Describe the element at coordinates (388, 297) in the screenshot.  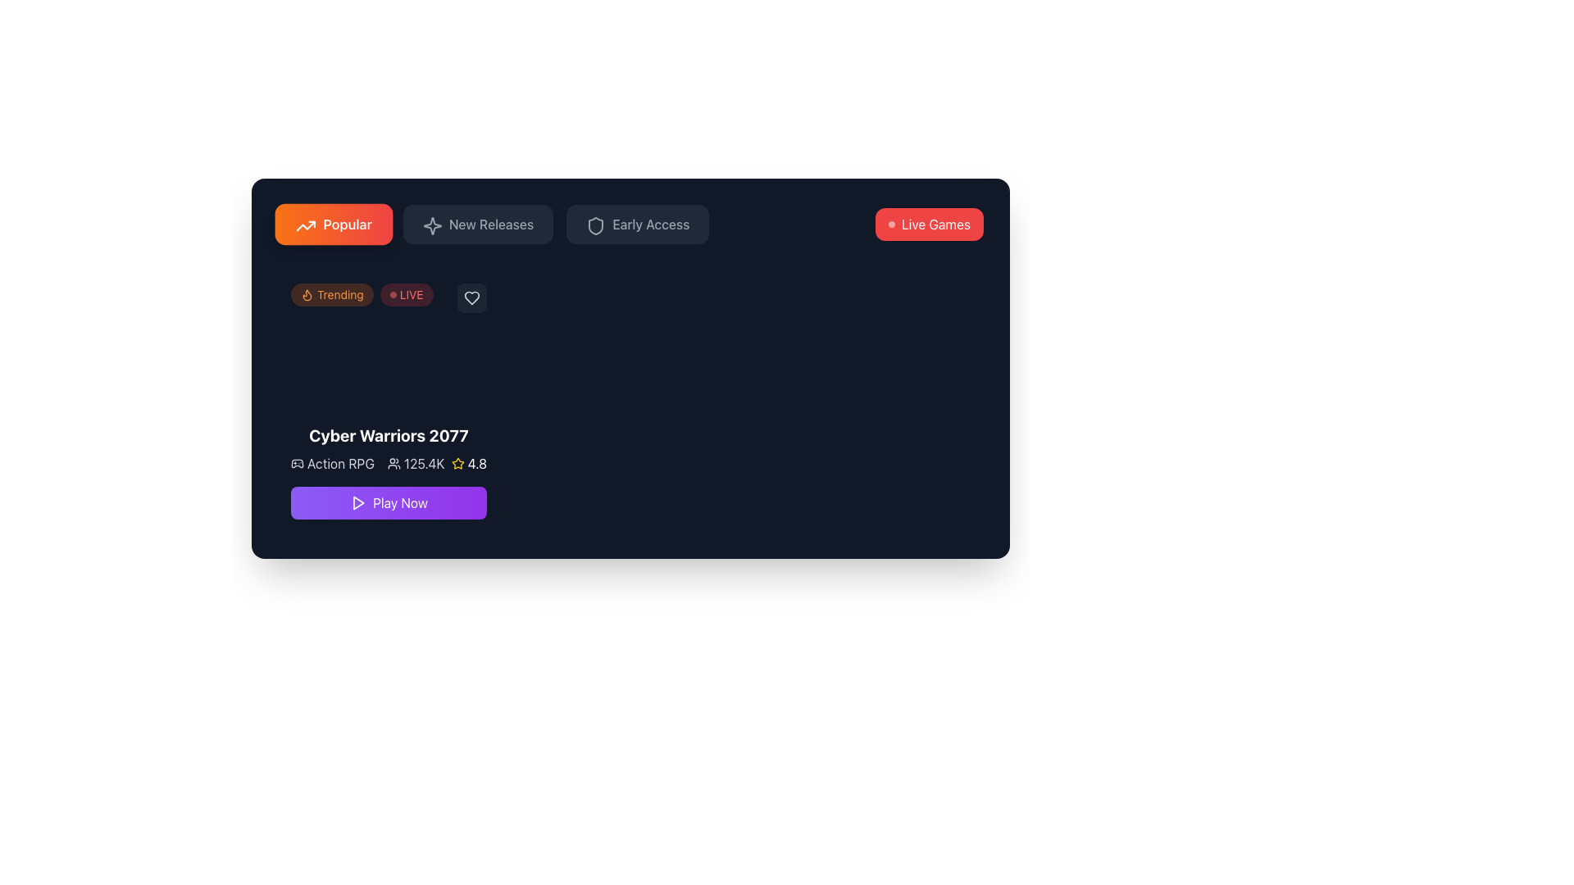
I see `the Status label or badge group located at the top-left corner of the card for 'Cyber Warriors 2077', which indicates the status or highlight of the associated content` at that location.